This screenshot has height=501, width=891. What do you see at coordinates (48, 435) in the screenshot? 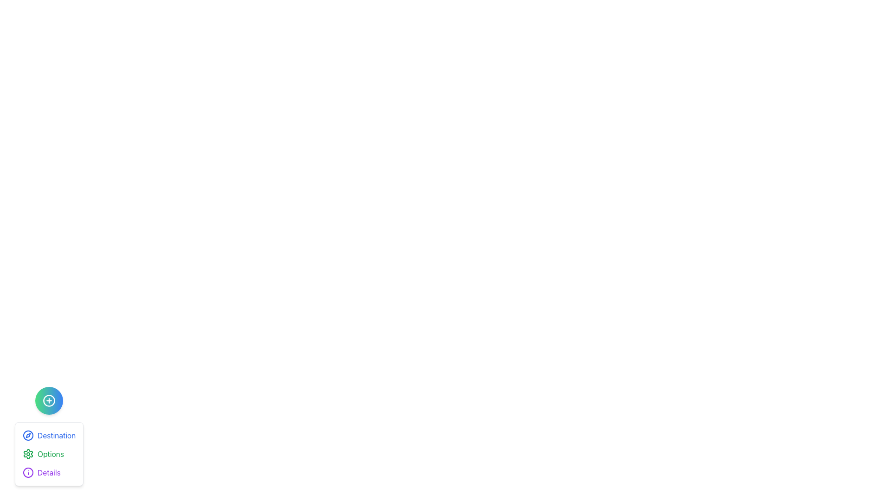
I see `the Interactive Text Link with Icon located at the top of the vertically stacked menu` at bounding box center [48, 435].